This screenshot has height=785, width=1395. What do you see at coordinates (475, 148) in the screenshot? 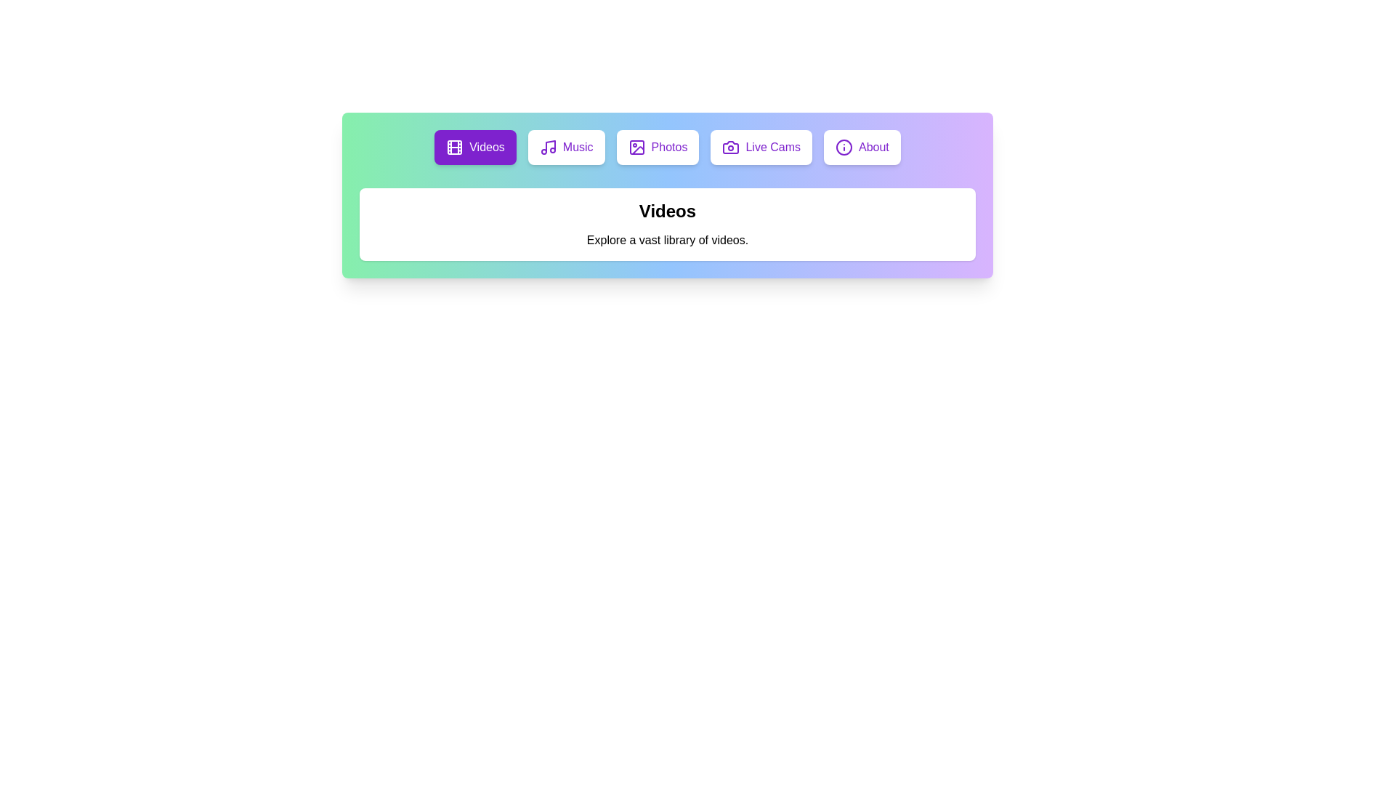
I see `the tab labeled Videos to switch to that tab` at bounding box center [475, 148].